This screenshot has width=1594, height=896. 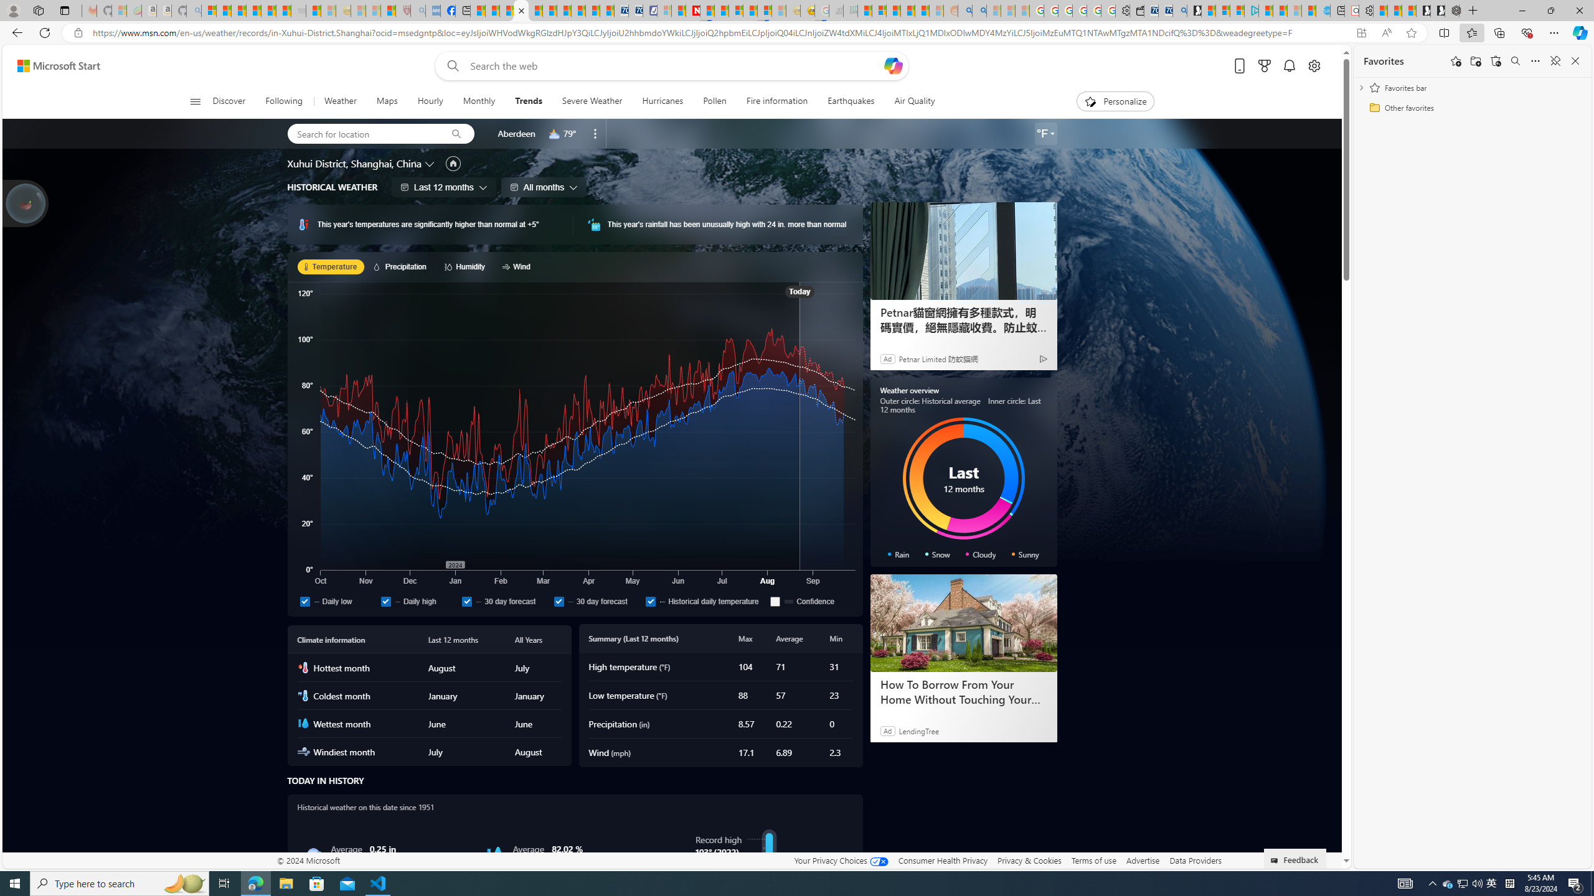 I want to click on 'Set as primary location', so click(x=452, y=162).